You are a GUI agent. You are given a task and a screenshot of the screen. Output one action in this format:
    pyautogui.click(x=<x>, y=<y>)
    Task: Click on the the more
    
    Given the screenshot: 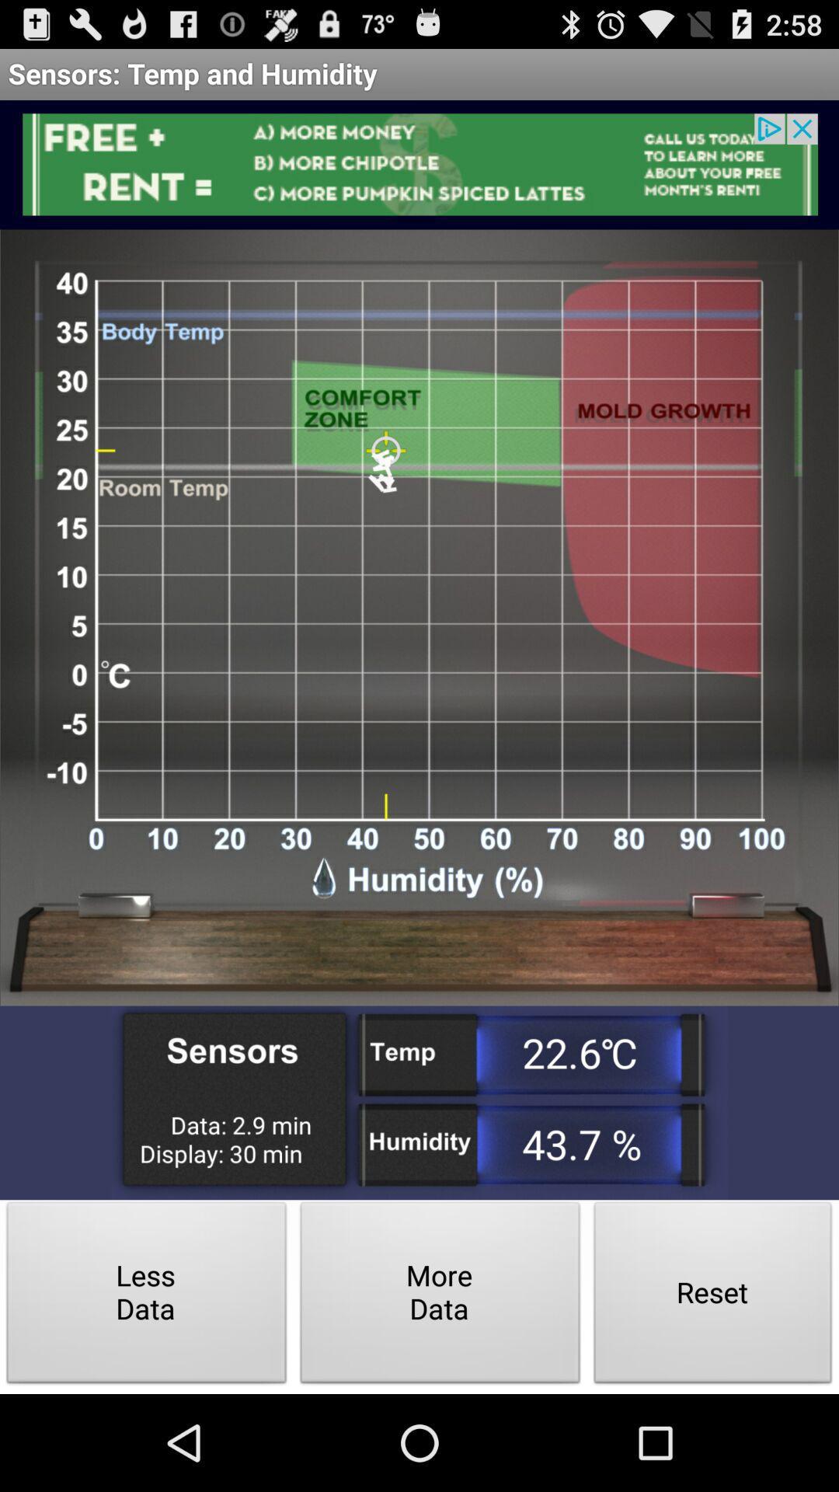 What is the action you would take?
    pyautogui.click(x=440, y=1297)
    